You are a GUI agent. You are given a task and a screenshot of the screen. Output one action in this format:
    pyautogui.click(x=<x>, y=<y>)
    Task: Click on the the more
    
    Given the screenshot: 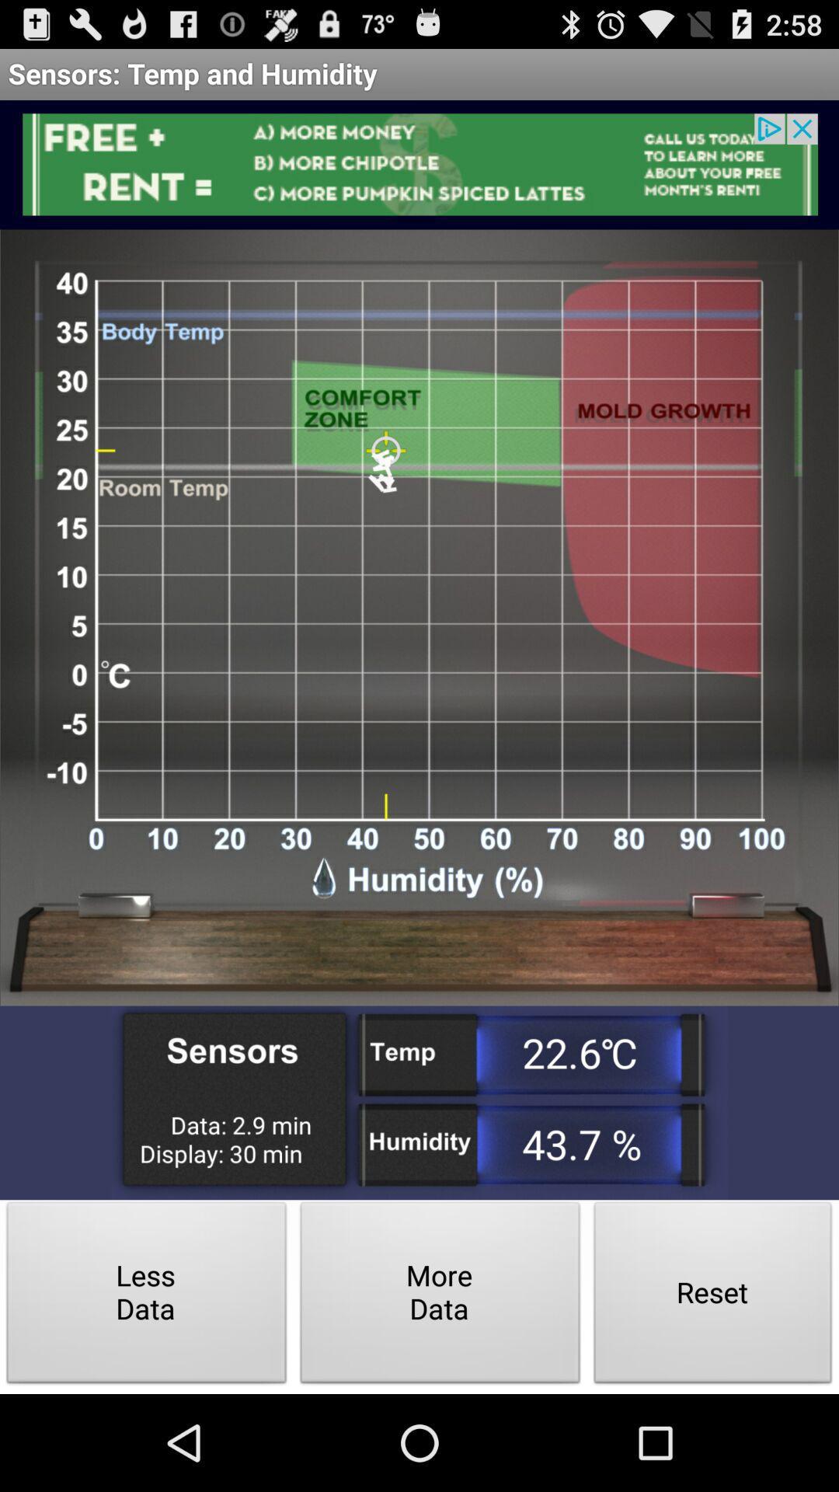 What is the action you would take?
    pyautogui.click(x=440, y=1297)
    